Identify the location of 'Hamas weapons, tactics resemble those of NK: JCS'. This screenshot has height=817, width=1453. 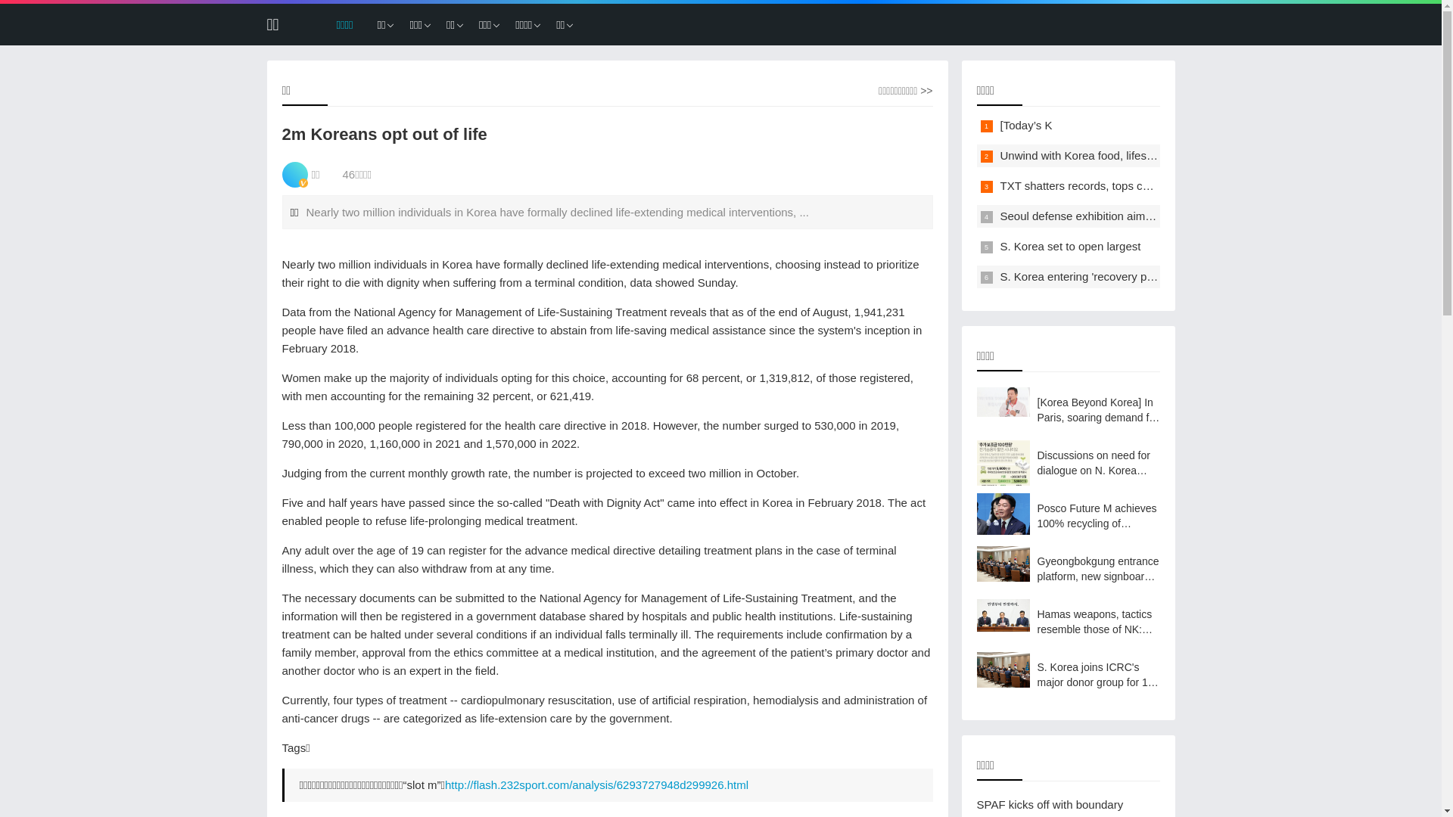
(1067, 621).